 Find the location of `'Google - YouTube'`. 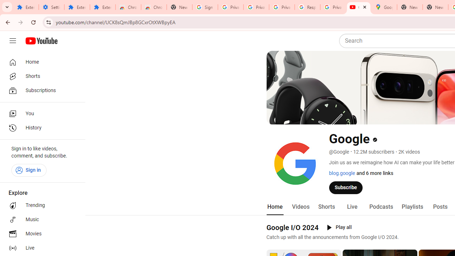

'Google - YouTube' is located at coordinates (358, 7).